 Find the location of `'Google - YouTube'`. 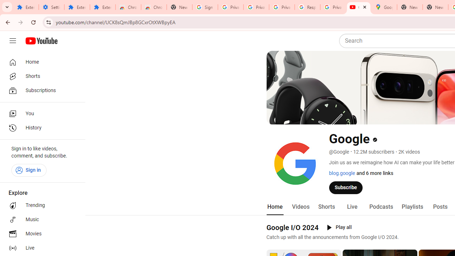

'Google - YouTube' is located at coordinates (358, 7).